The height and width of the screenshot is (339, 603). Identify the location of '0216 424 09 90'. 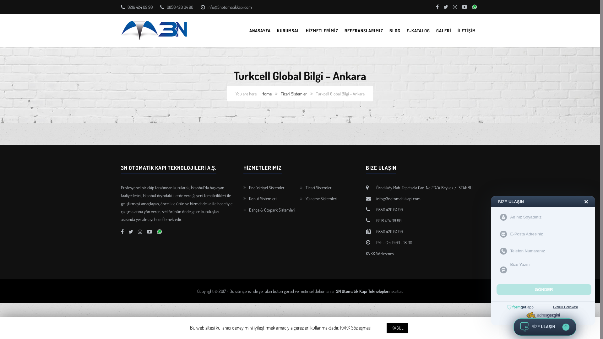
(375, 220).